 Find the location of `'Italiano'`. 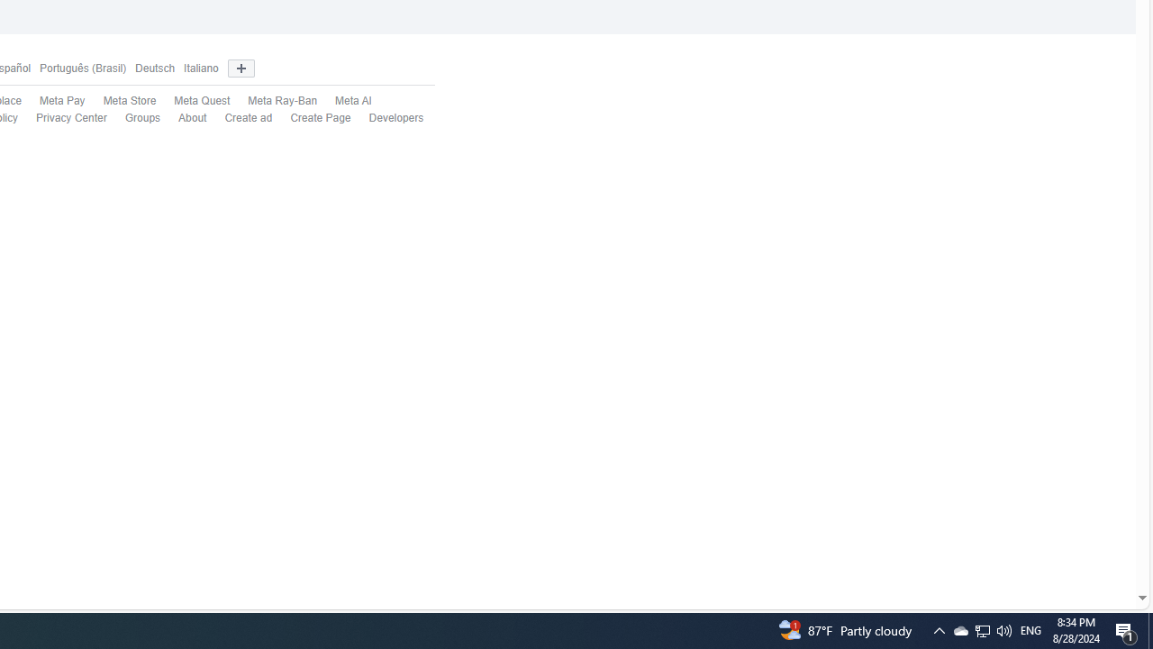

'Italiano' is located at coordinates (201, 68).